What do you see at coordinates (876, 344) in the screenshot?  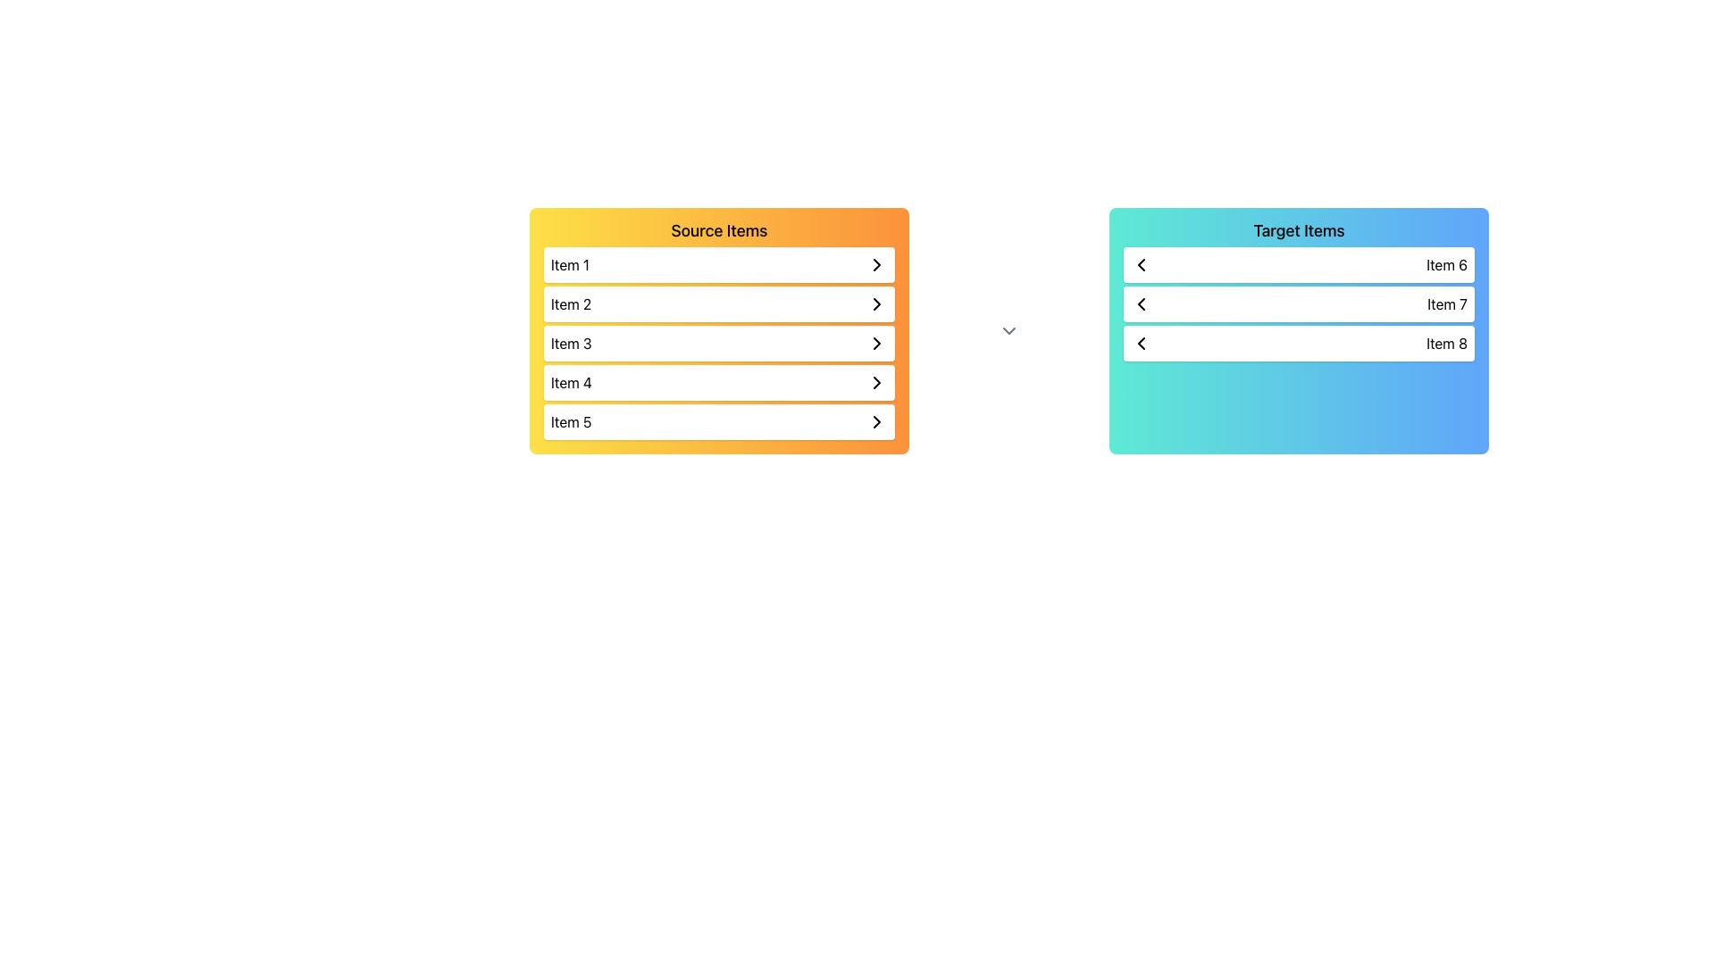 I see `the expansion icon located in the 'Item 3' row of the 'Source Items' list` at bounding box center [876, 344].